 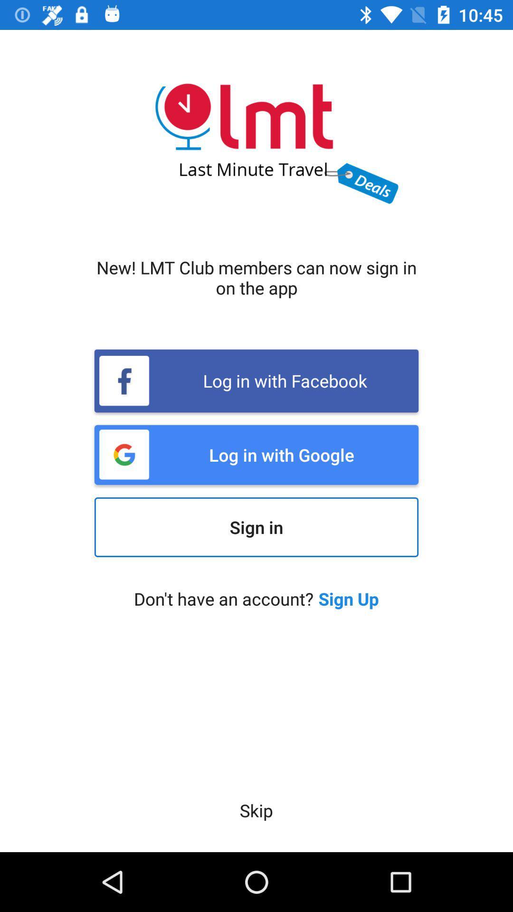 What do you see at coordinates (349, 598) in the screenshot?
I see `the icon to the right of don t have` at bounding box center [349, 598].